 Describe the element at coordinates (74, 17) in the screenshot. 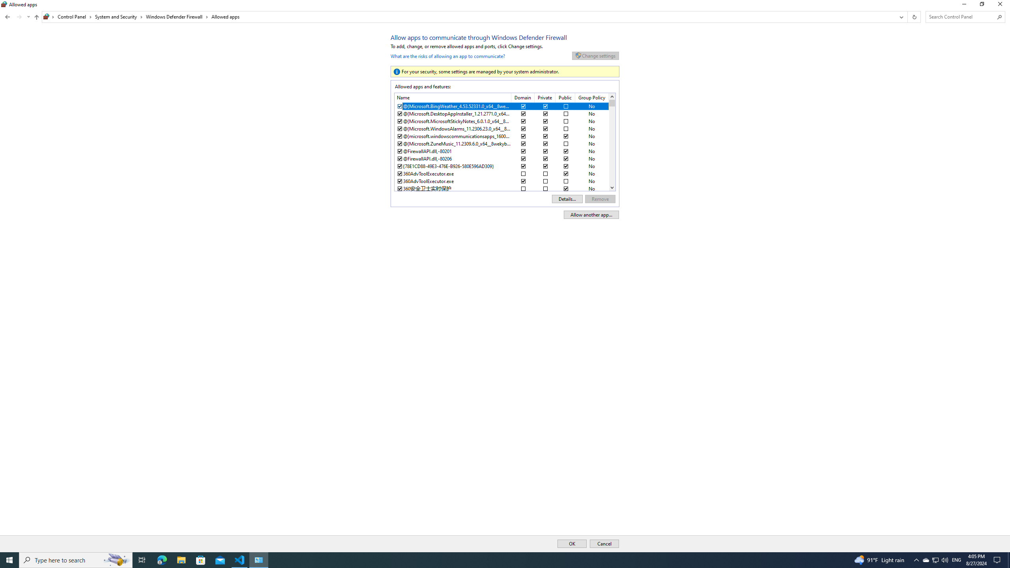

I see `'Control Panel'` at that location.